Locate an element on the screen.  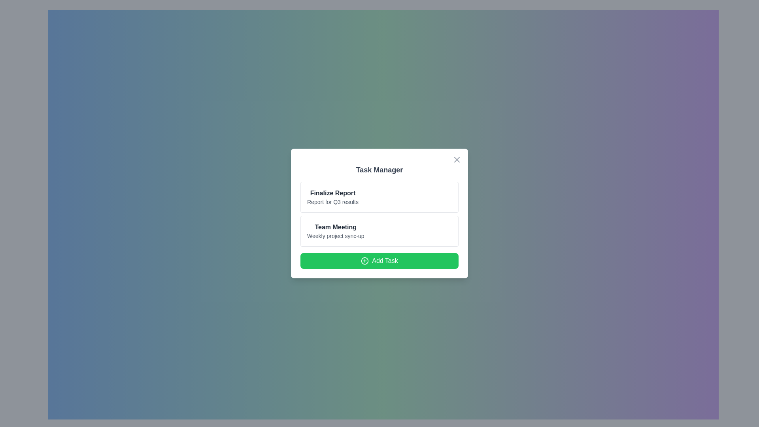
the small square-shaped button with an 'X' icon at the top-right corner of the 'Task Manager' card layout is located at coordinates (457, 160).